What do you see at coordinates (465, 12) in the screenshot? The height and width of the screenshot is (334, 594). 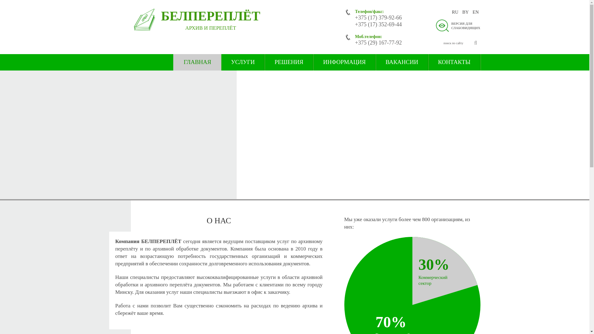 I see `'BY'` at bounding box center [465, 12].